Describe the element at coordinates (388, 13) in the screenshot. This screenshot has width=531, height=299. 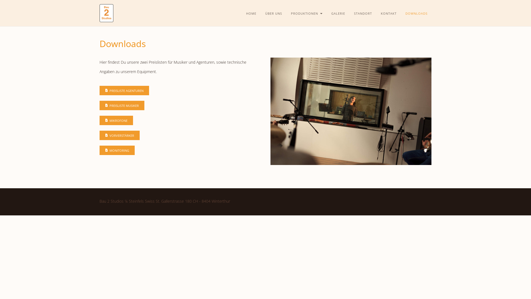
I see `'KONTAKT'` at that location.